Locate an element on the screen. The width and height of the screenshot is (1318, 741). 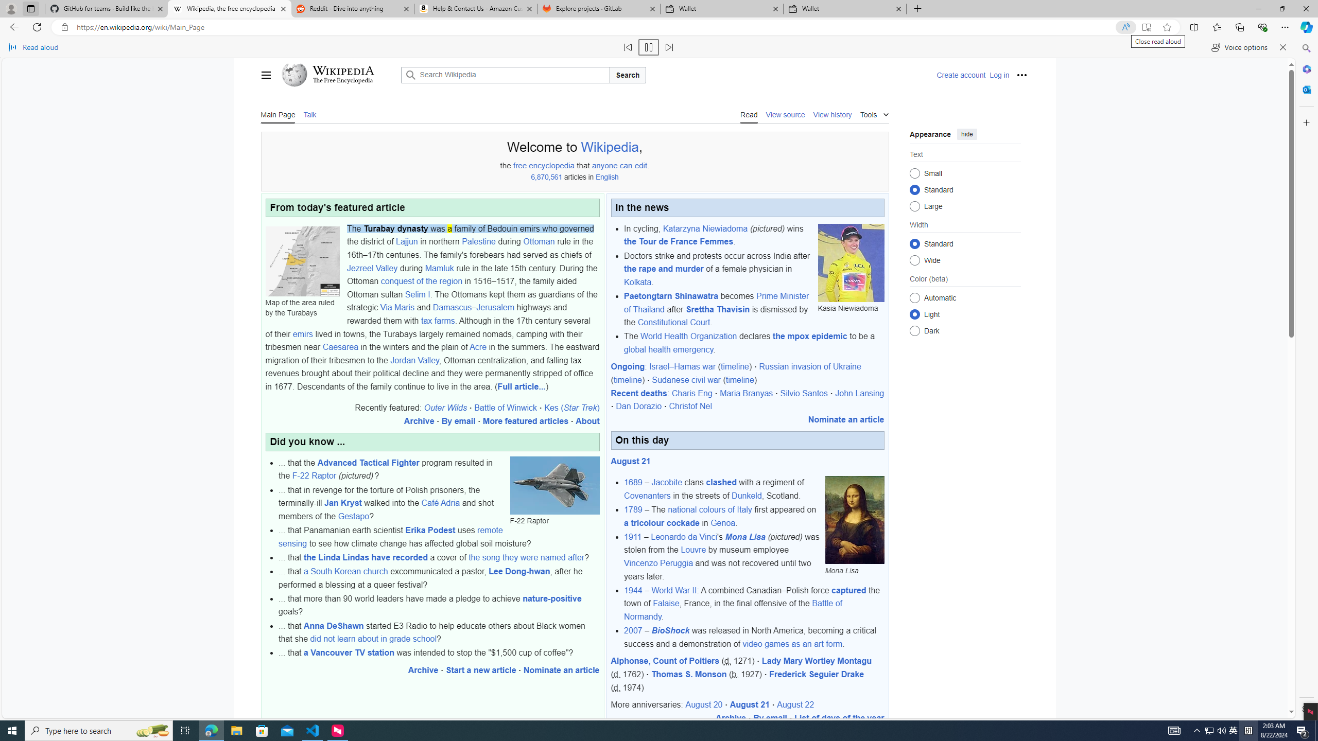
'Dunkeld' is located at coordinates (747, 495).